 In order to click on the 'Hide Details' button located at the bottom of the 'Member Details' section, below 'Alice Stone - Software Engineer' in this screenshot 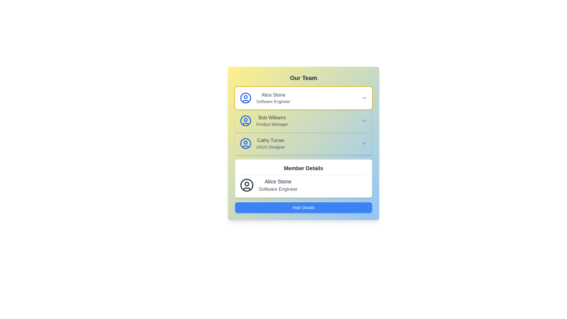, I will do `click(303, 207)`.